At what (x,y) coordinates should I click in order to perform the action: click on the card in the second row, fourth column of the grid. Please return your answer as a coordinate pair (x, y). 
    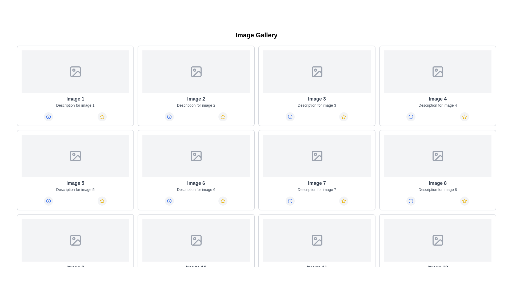
    Looking at the image, I should click on (438, 170).